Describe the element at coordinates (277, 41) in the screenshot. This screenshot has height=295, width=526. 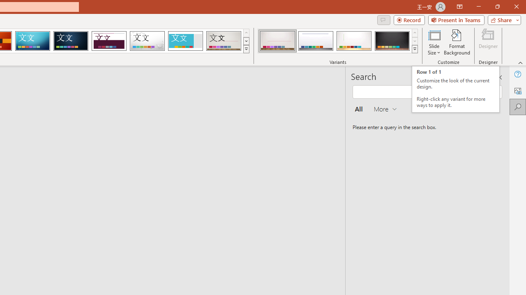
I see `'Gallery Variant 1'` at that location.